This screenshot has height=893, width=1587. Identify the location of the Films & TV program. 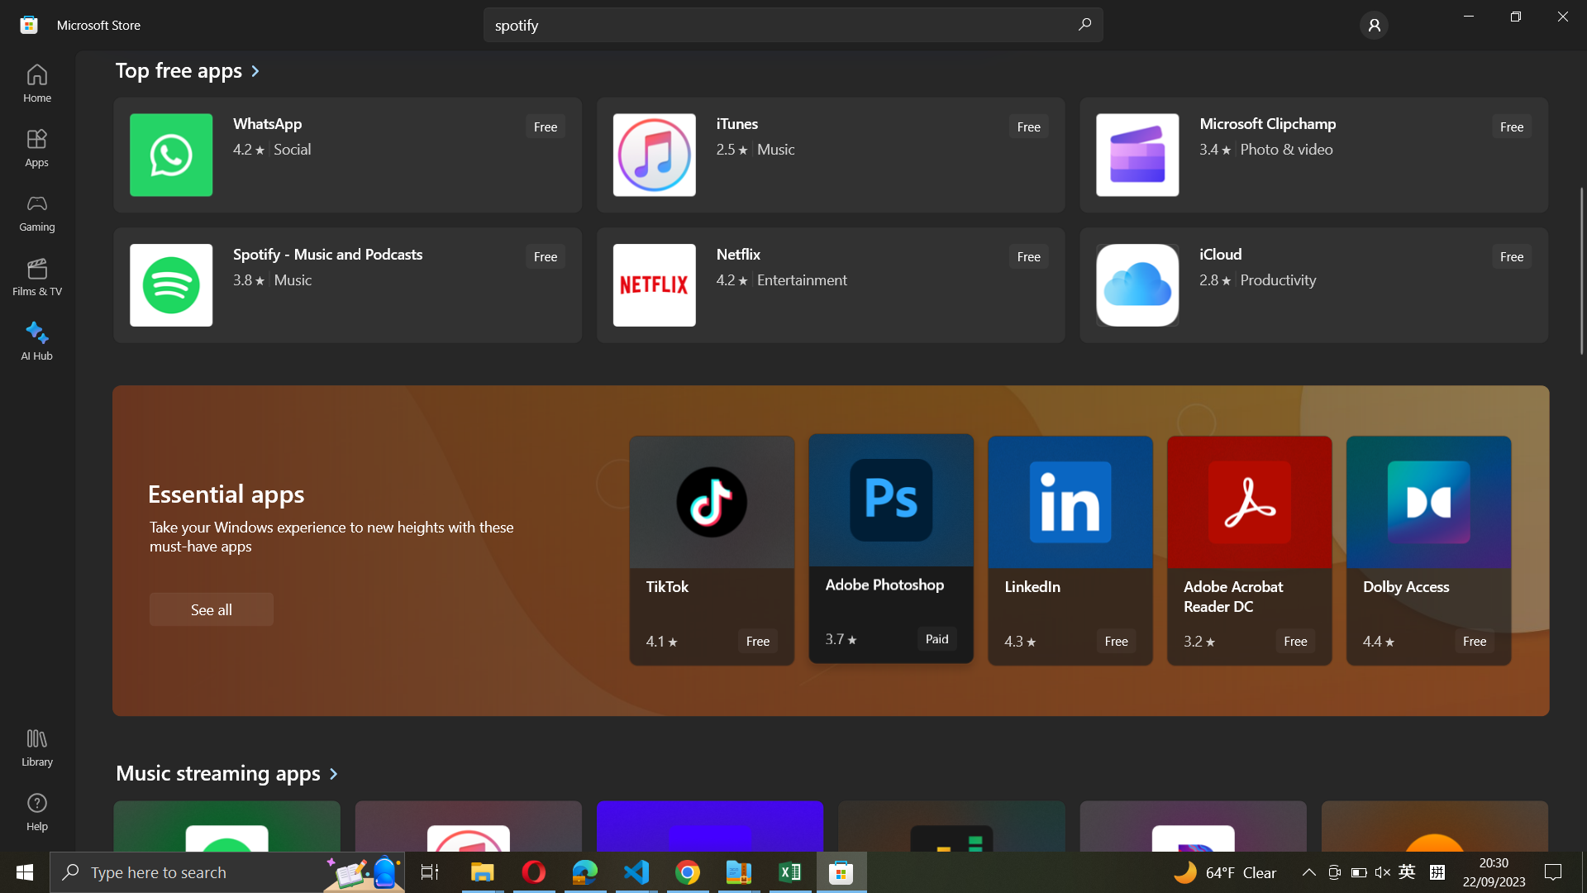
(39, 275).